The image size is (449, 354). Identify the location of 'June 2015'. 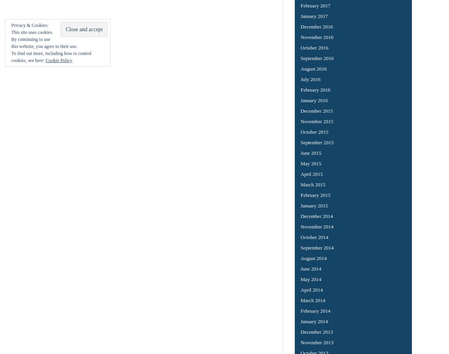
(300, 152).